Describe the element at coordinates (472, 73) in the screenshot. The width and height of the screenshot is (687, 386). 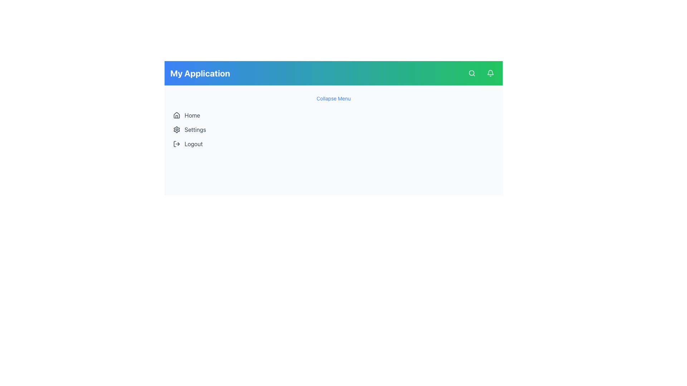
I see `the decorative search icon graphic located near the rightmost side of the header bar, slightly left of the bell icon` at that location.